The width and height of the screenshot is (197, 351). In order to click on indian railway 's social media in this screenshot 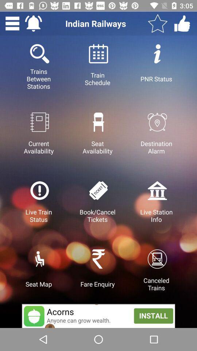, I will do `click(182, 23)`.